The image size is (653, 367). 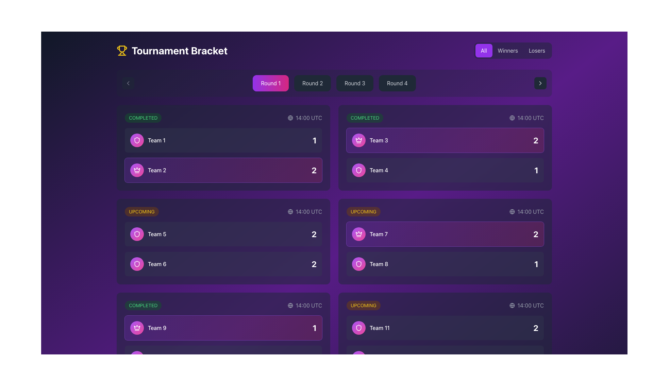 What do you see at coordinates (370, 263) in the screenshot?
I see `the Text label representing 'Team 8' in the tournament bracket, situated in the bottom-right area of the interface, following 'Team 7'` at bounding box center [370, 263].